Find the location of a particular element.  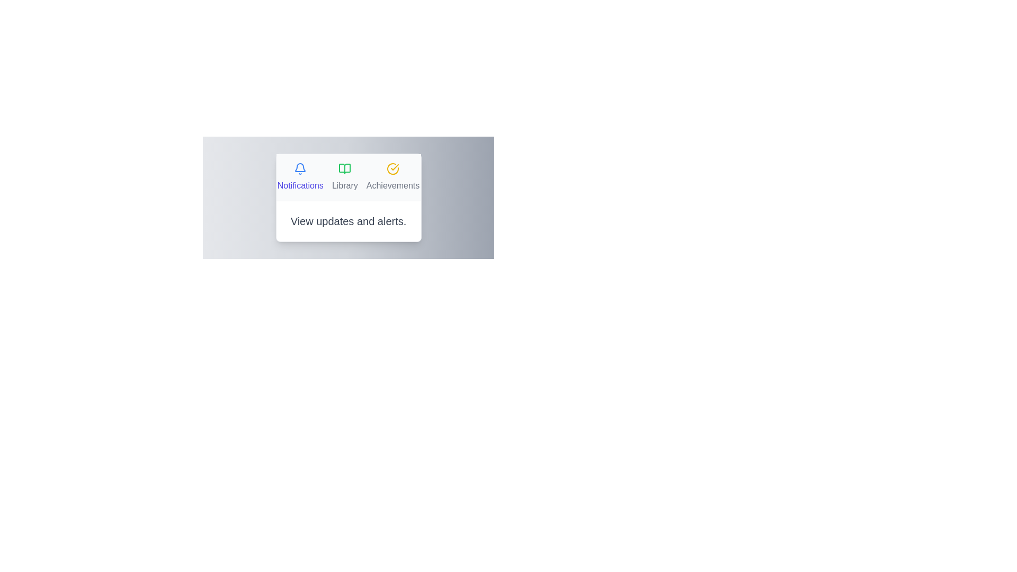

the tab labeled Achievements is located at coordinates (392, 177).